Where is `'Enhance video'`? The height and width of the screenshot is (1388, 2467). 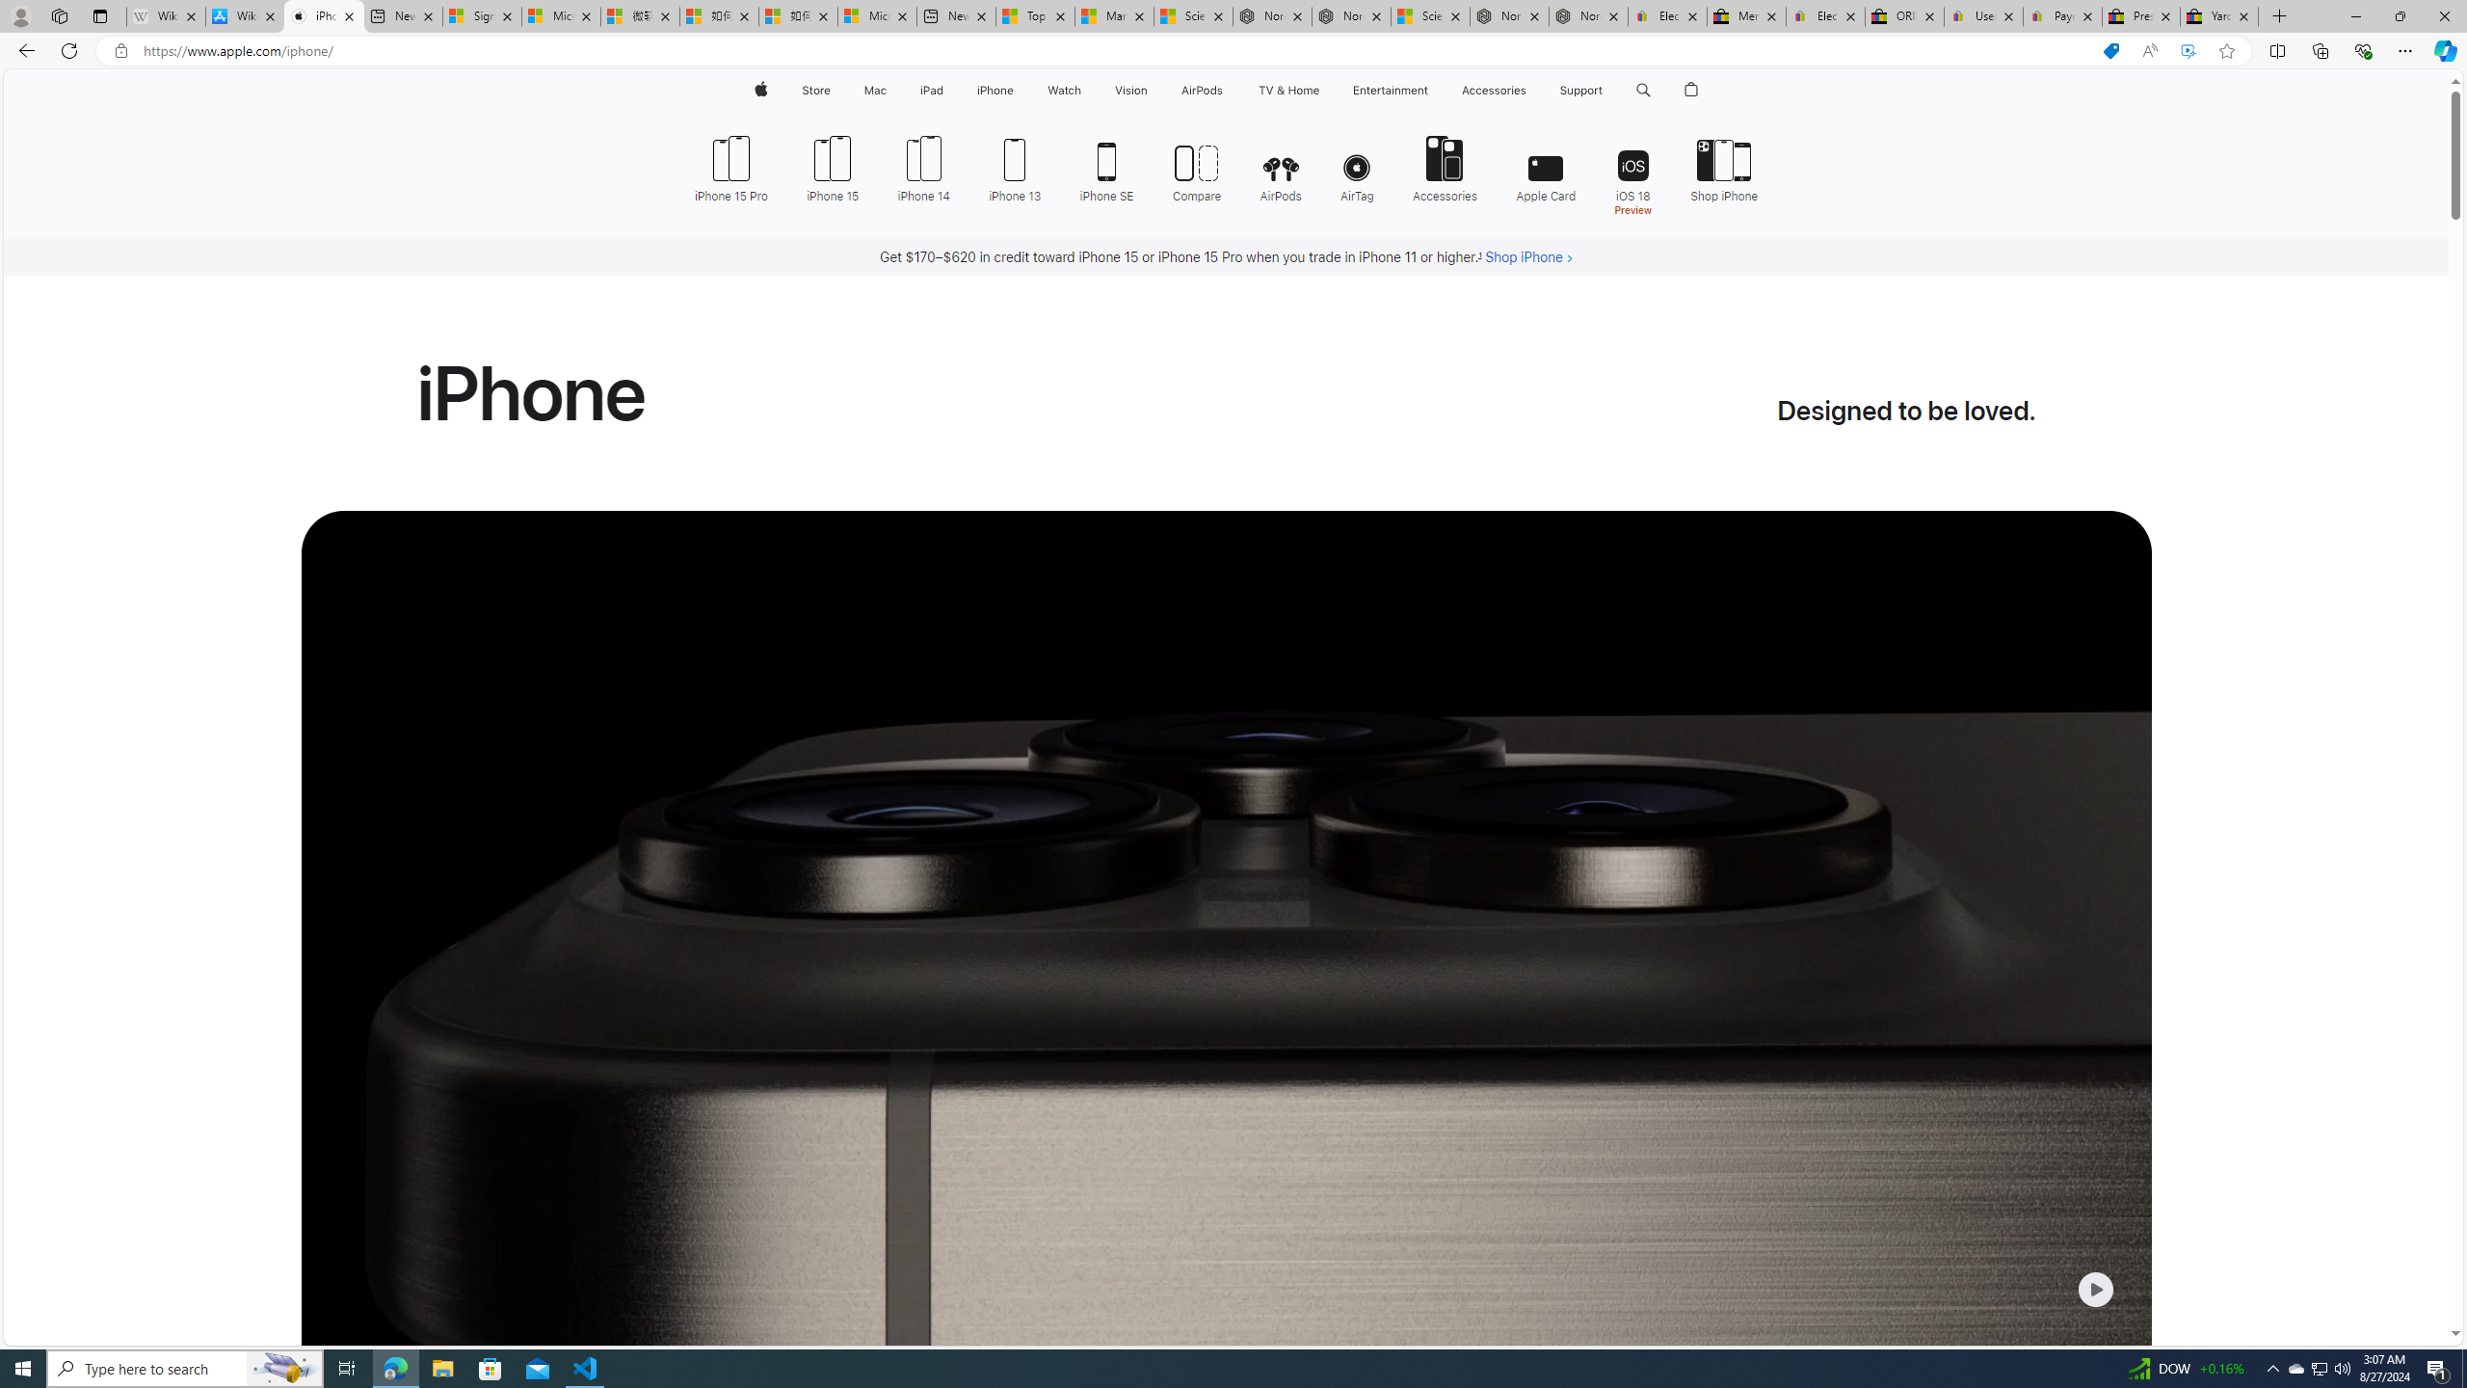 'Enhance video' is located at coordinates (2188, 51).